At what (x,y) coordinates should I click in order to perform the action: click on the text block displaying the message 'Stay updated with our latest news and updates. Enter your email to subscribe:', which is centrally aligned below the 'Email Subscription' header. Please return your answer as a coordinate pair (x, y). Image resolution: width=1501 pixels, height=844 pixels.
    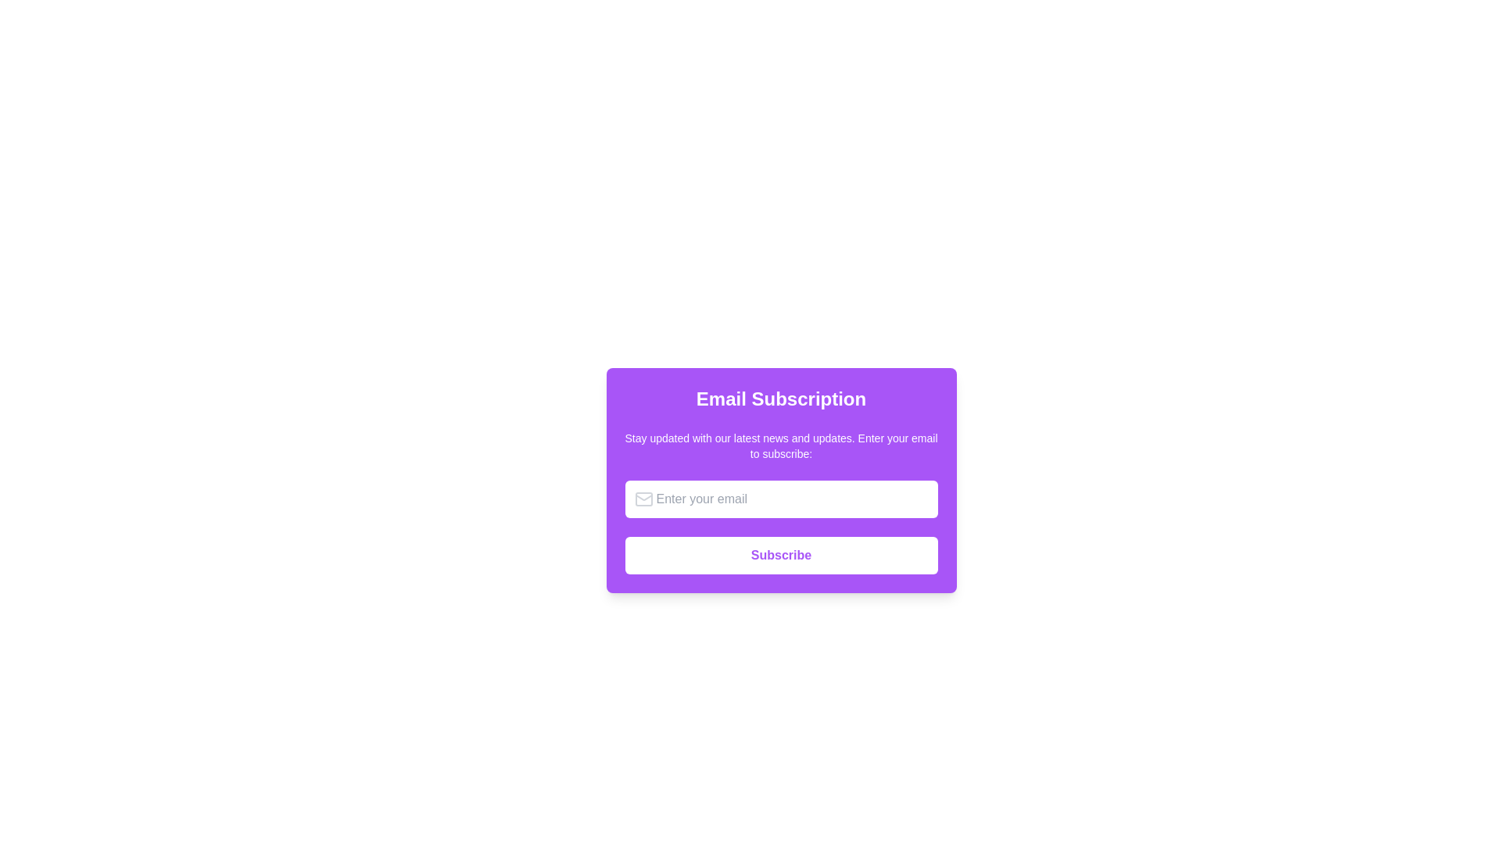
    Looking at the image, I should click on (781, 445).